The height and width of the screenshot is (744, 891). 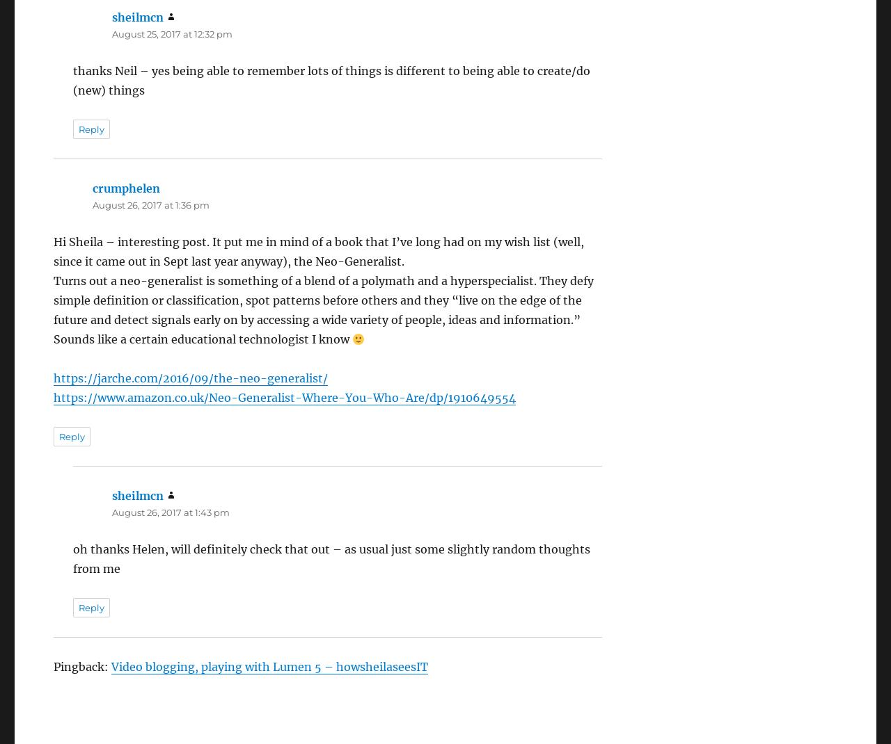 I want to click on 'Pingback:', so click(x=81, y=666).